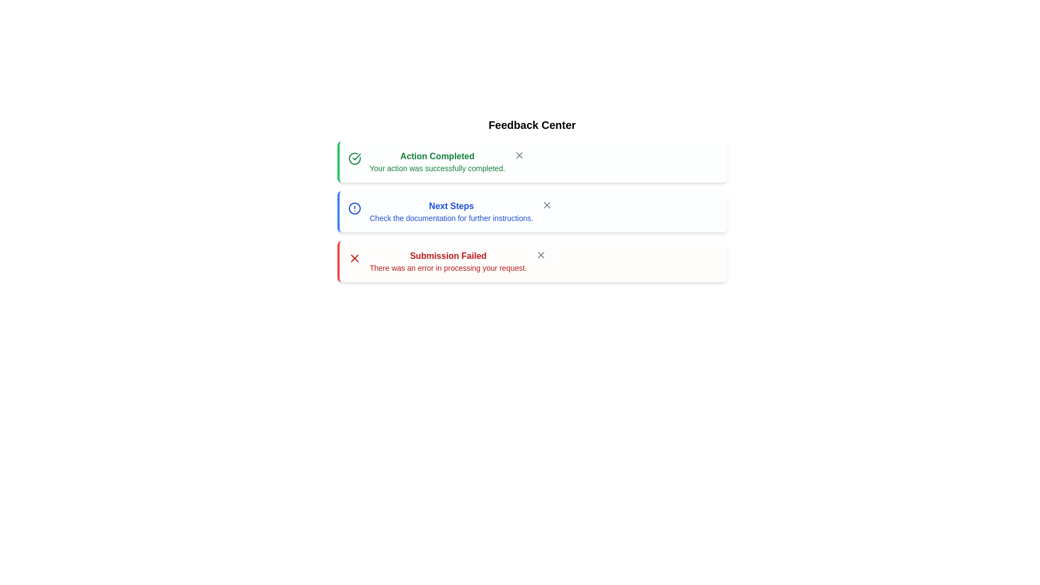  Describe the element at coordinates (532, 211) in the screenshot. I see `the alert with info type to see the hover effect` at that location.